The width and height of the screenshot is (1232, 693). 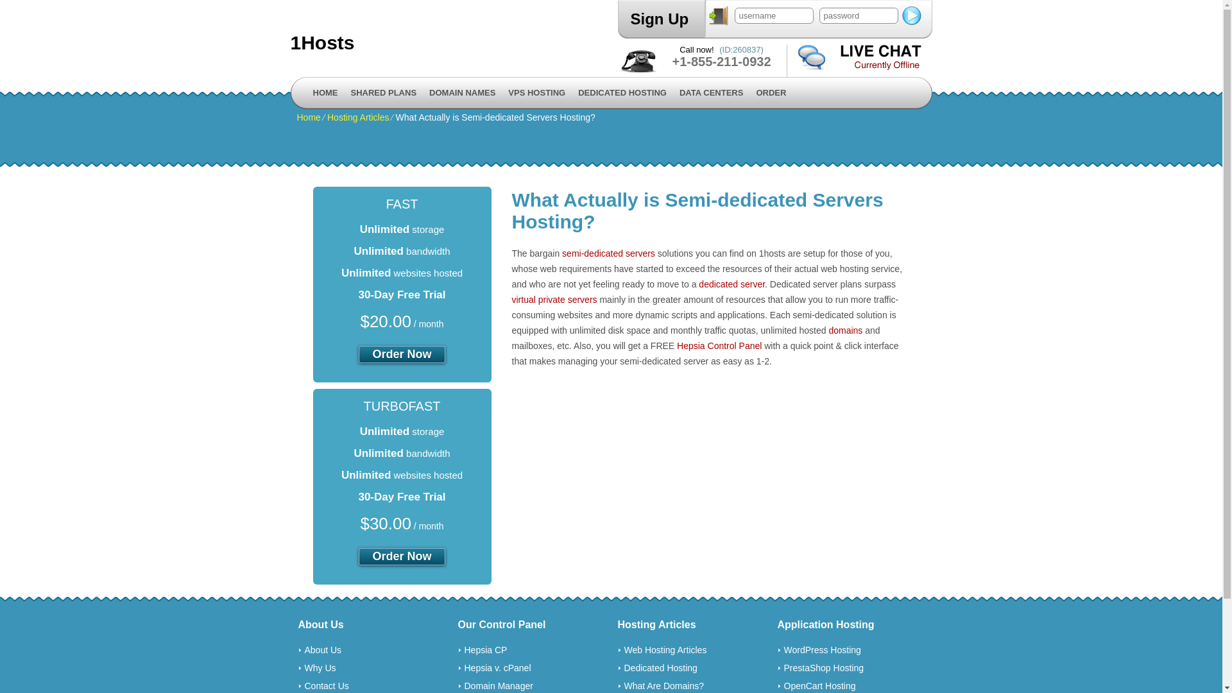 I want to click on 'DOMAIN NAMES', so click(x=462, y=92).